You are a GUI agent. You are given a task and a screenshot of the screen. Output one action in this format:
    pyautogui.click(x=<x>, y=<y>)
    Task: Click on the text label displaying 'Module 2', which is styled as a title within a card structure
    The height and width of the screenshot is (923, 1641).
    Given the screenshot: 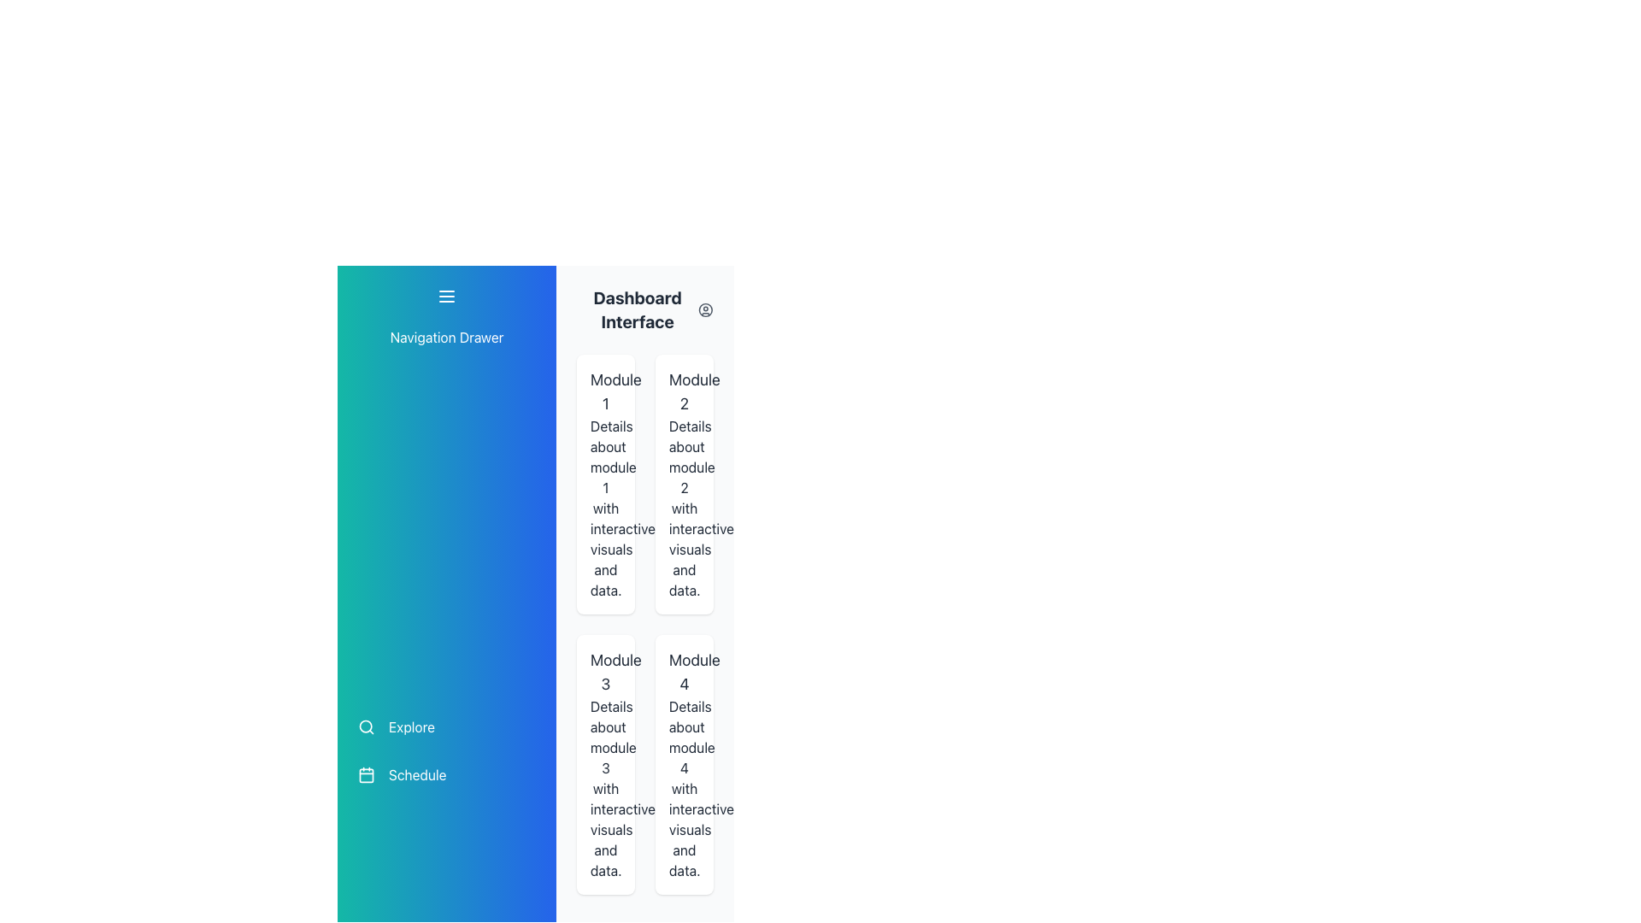 What is the action you would take?
    pyautogui.click(x=685, y=392)
    